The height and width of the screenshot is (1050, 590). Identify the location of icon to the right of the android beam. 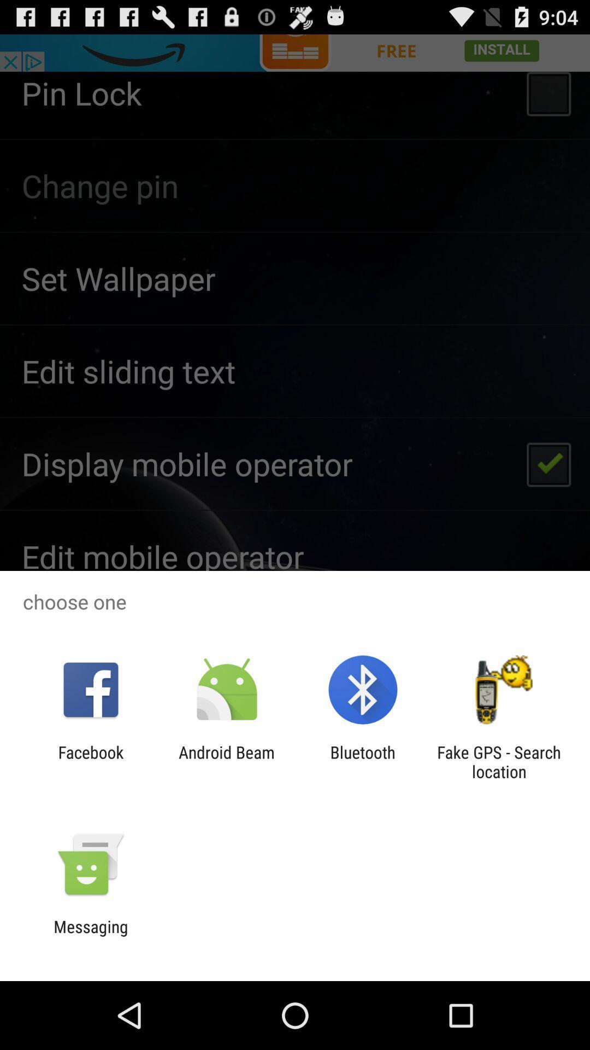
(363, 761).